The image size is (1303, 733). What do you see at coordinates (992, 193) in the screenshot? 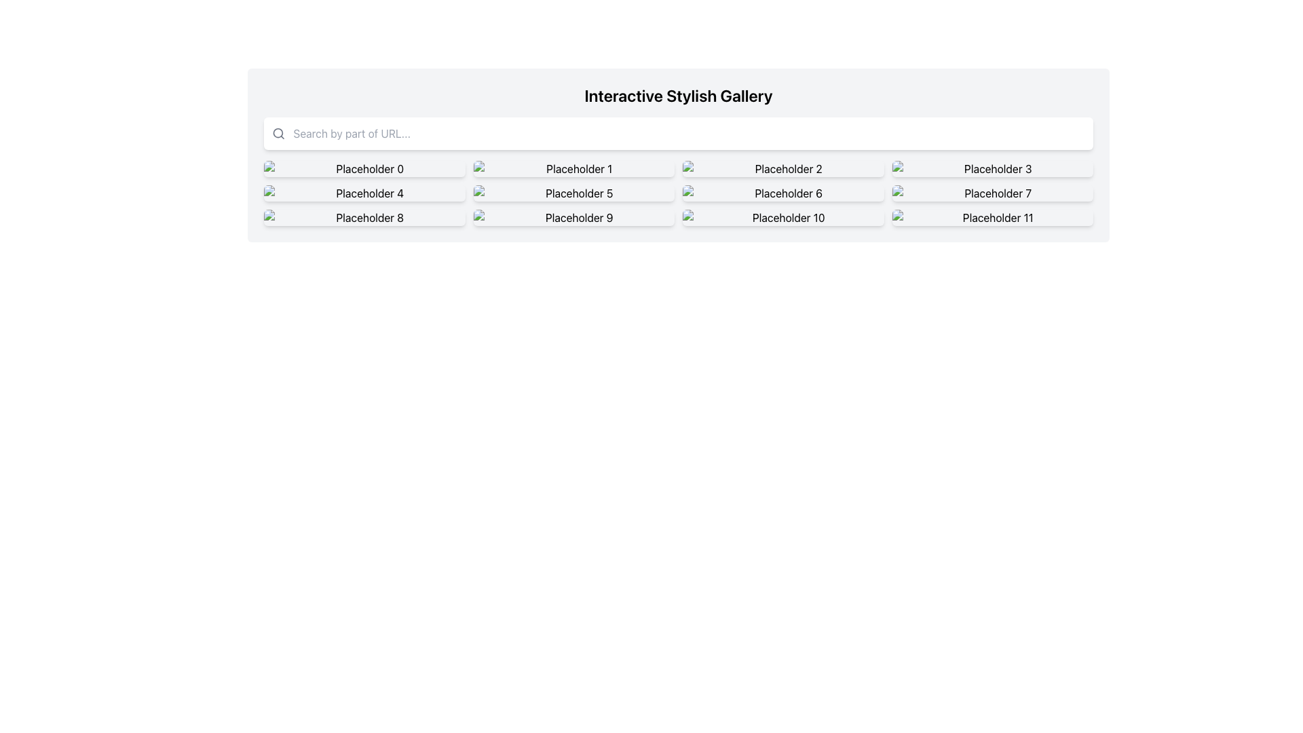
I see `the interactive visual grid item located in the second row and fourth column of the grid layout, which is directly below 'Placeholder 3' and to the right of 'Placeholder 6'` at bounding box center [992, 193].